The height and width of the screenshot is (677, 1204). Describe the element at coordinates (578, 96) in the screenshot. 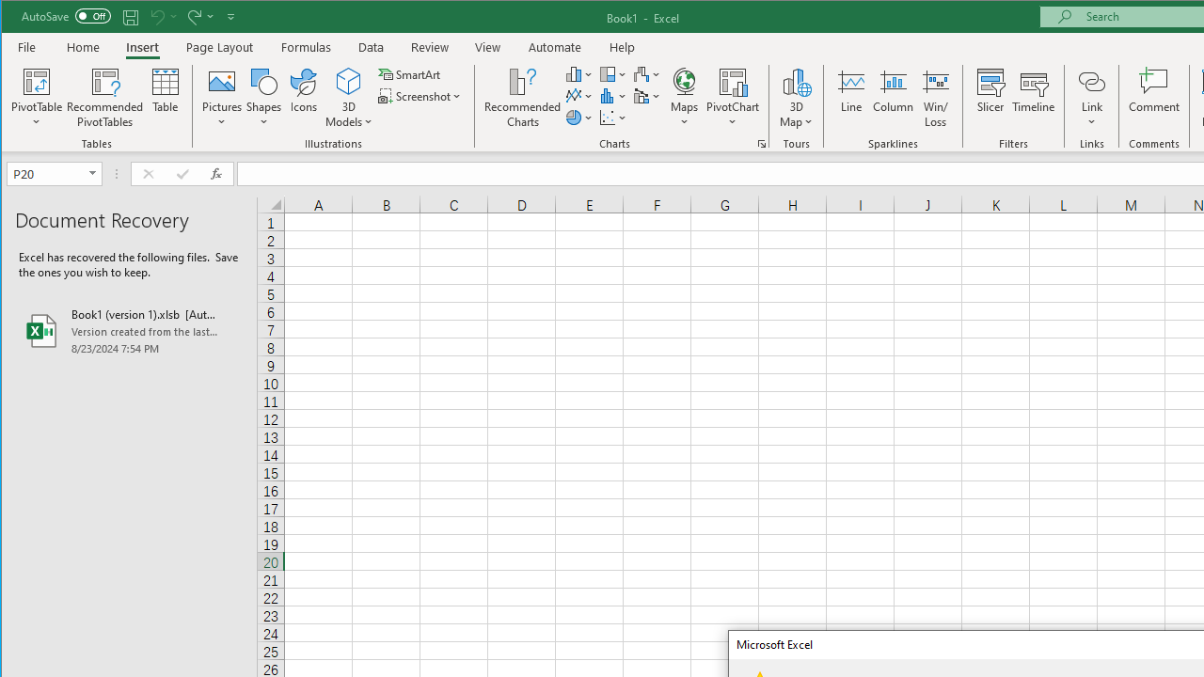

I see `'Insert Line or Area Chart'` at that location.